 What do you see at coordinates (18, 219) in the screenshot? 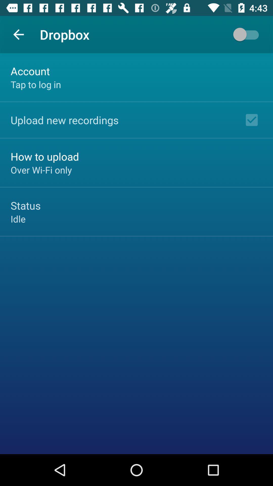
I see `icon below the status` at bounding box center [18, 219].